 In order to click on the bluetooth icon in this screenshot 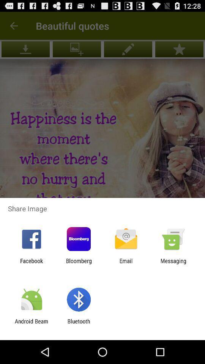, I will do `click(78, 324)`.